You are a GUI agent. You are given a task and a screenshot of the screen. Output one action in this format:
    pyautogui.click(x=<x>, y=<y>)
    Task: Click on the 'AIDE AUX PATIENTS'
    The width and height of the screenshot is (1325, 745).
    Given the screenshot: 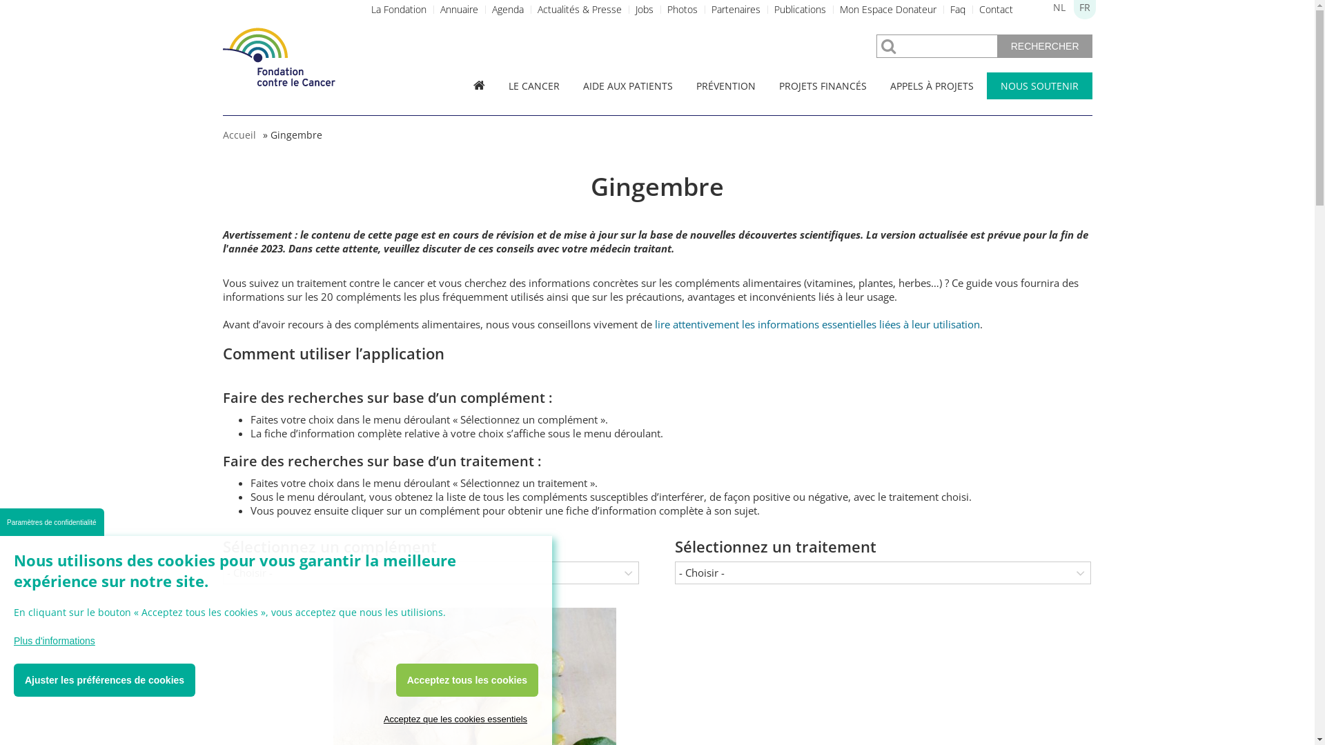 What is the action you would take?
    pyautogui.click(x=626, y=86)
    